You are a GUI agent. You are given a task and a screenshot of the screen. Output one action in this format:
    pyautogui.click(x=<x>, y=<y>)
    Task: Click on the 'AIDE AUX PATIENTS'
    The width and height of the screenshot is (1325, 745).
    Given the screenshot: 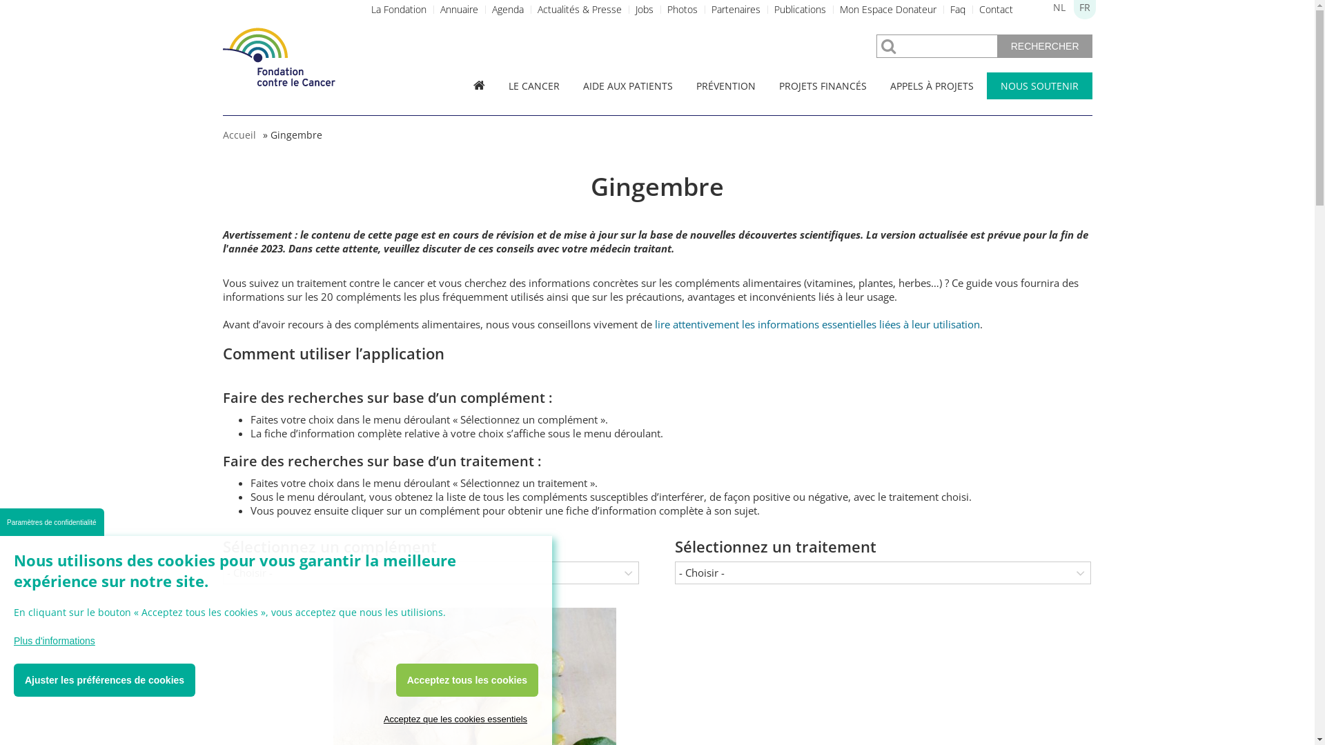 What is the action you would take?
    pyautogui.click(x=626, y=86)
    